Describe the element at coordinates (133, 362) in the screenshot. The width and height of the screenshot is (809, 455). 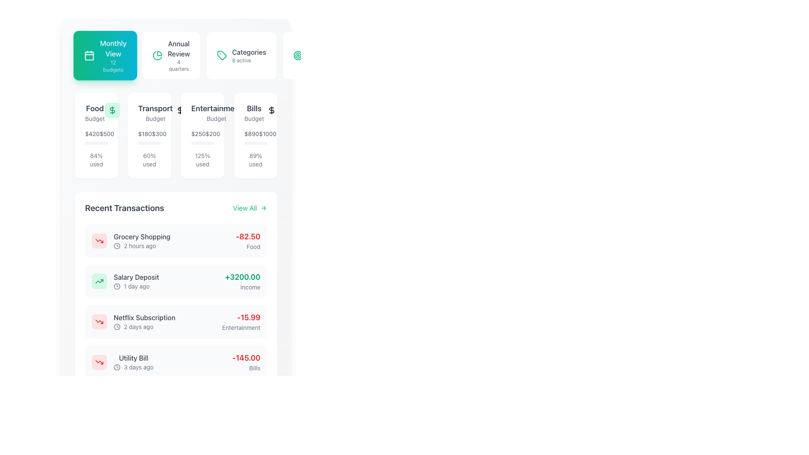
I see `the last transaction list item labeled 'Utility Bill' with a clock icon` at that location.